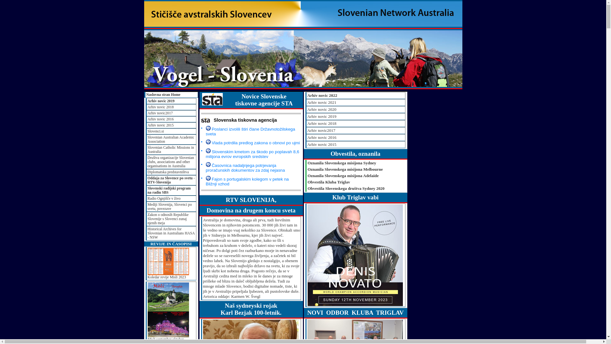  What do you see at coordinates (144, 95) in the screenshot?
I see `'Naslovna stran Home'` at bounding box center [144, 95].